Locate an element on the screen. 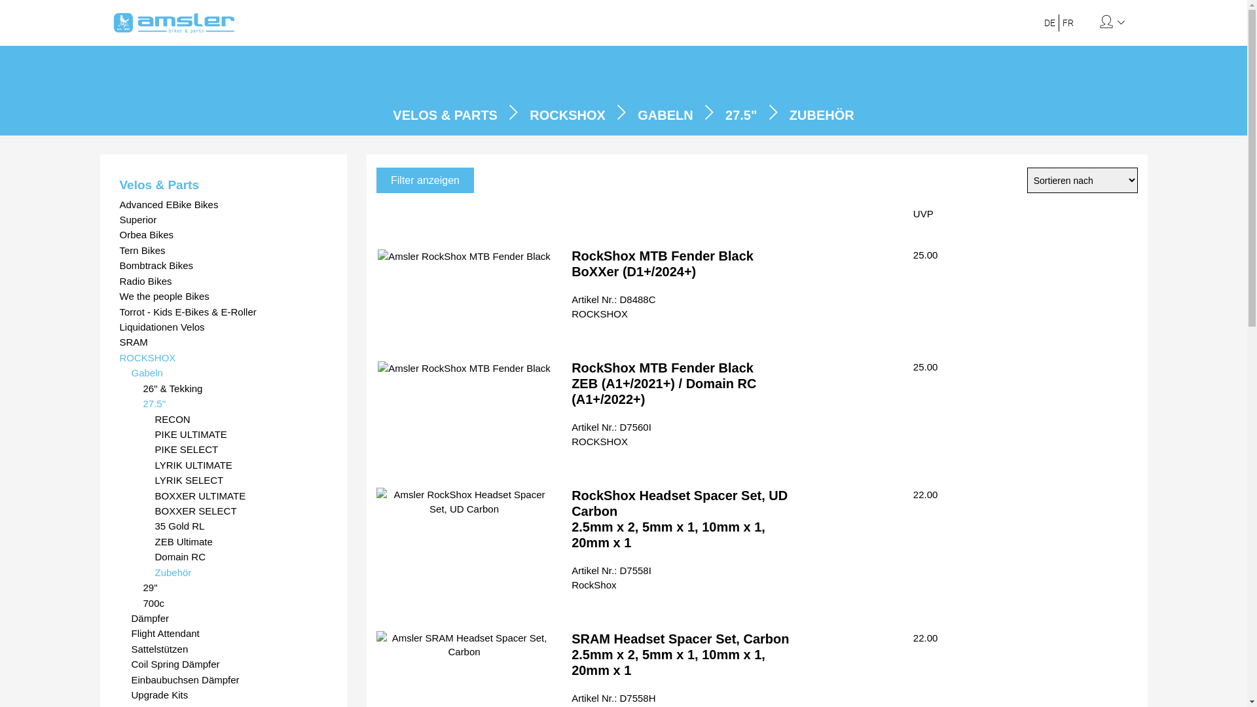 The width and height of the screenshot is (1257, 707). '27.5"' is located at coordinates (235, 403).